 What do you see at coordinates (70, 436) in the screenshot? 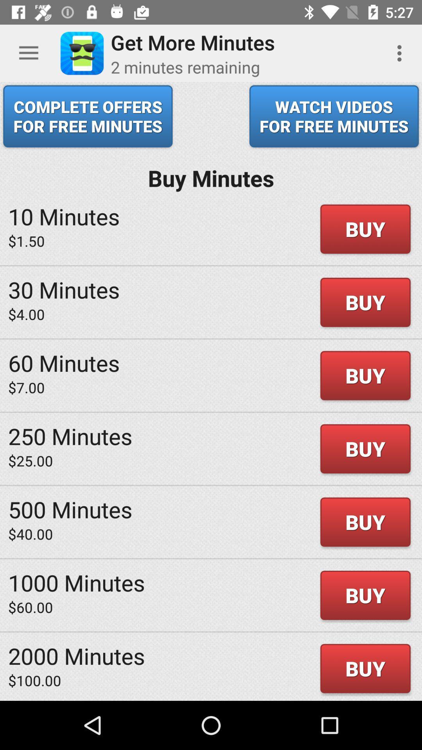
I see `the 250 minutes` at bounding box center [70, 436].